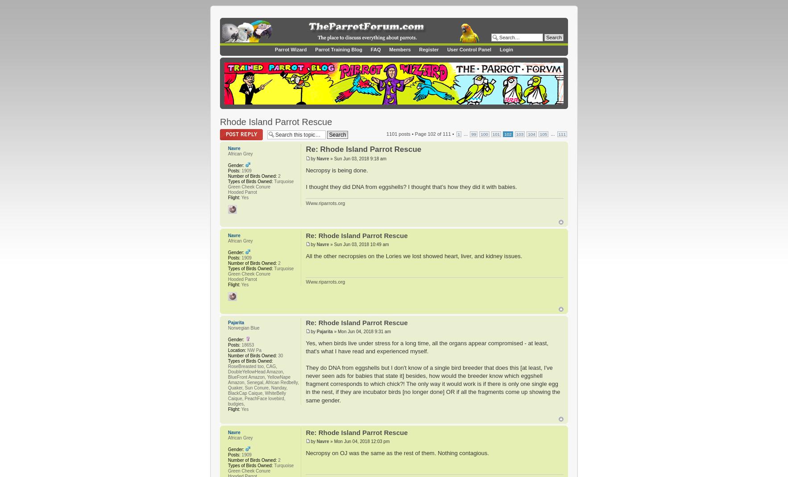 This screenshot has height=477, width=788. Describe the element at coordinates (247, 345) in the screenshot. I see `'18653'` at that location.